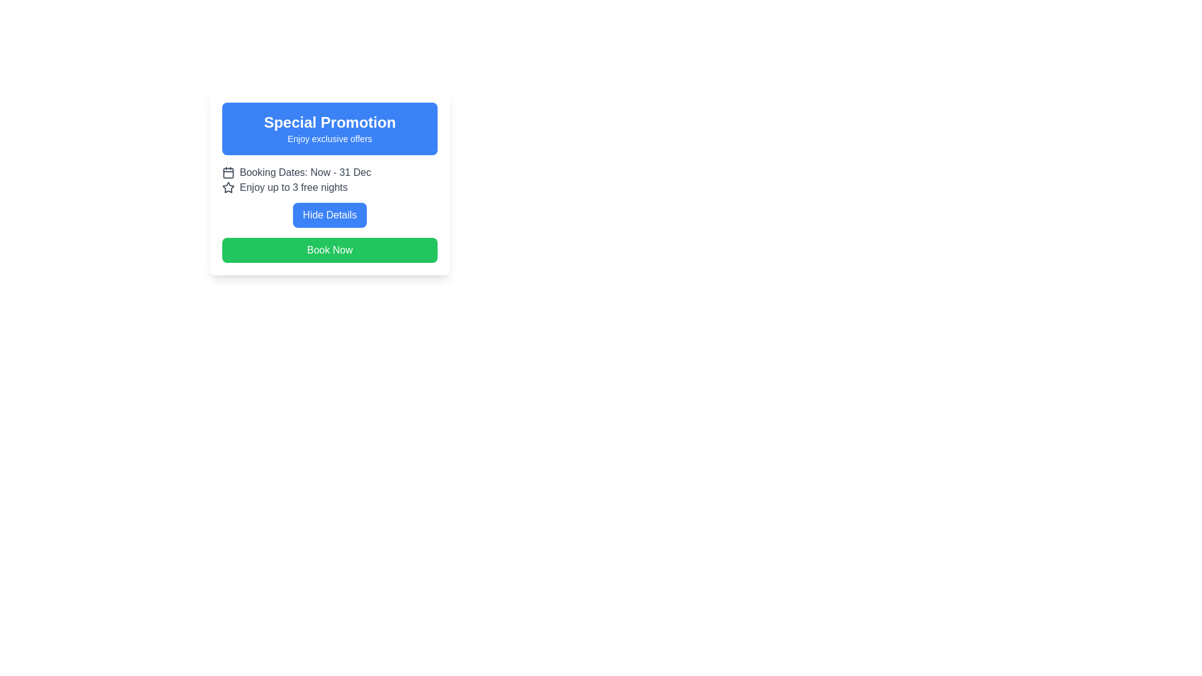 The image size is (1202, 676). Describe the element at coordinates (330, 211) in the screenshot. I see `the 'Hide Details' button, which is styled with a blue background and white text, to observe its style change` at that location.